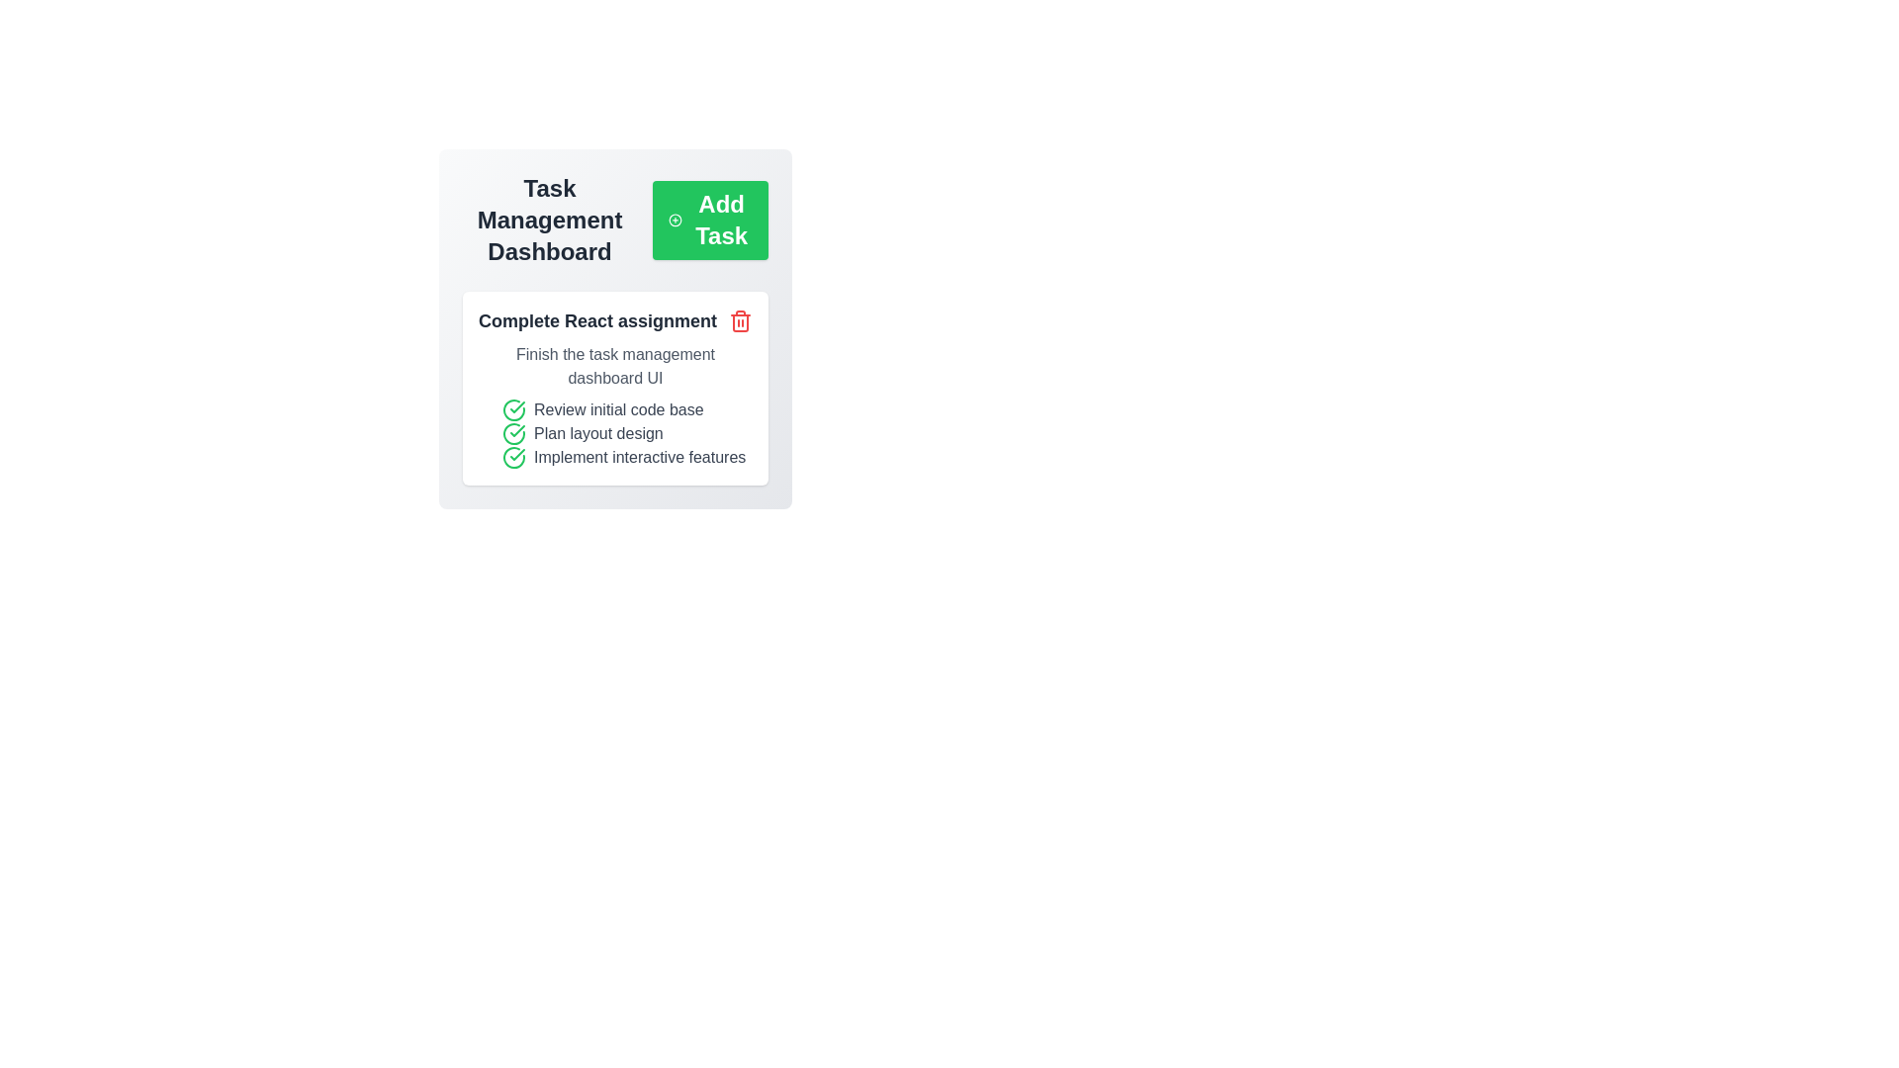 This screenshot has width=1899, height=1068. Describe the element at coordinates (614, 366) in the screenshot. I see `the text label containing 'Finish the task management dashboard UI', which is styled in gray and positioned directly beneath the header 'Complete React assignment' within the task card` at that location.